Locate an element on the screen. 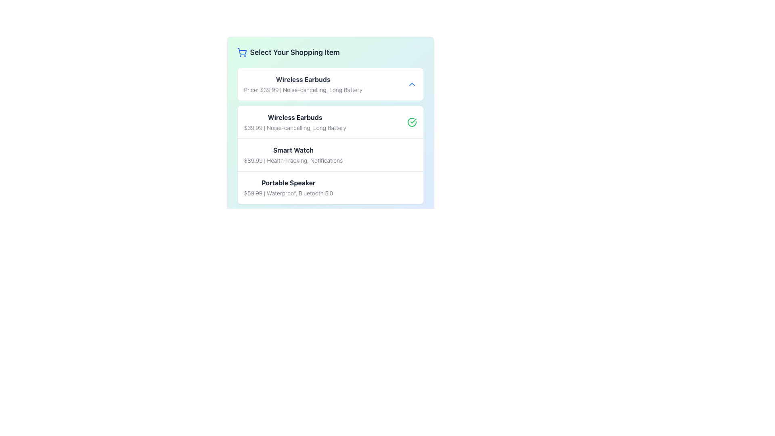 The height and width of the screenshot is (436, 775). the blue shopping cart icon located to the left of the 'Select Your Shopping Item' text is located at coordinates (241, 52).